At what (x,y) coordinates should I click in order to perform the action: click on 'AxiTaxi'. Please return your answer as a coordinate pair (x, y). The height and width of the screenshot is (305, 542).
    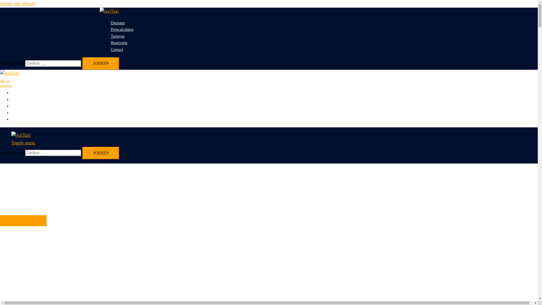
    Looking at the image, I should click on (0, 73).